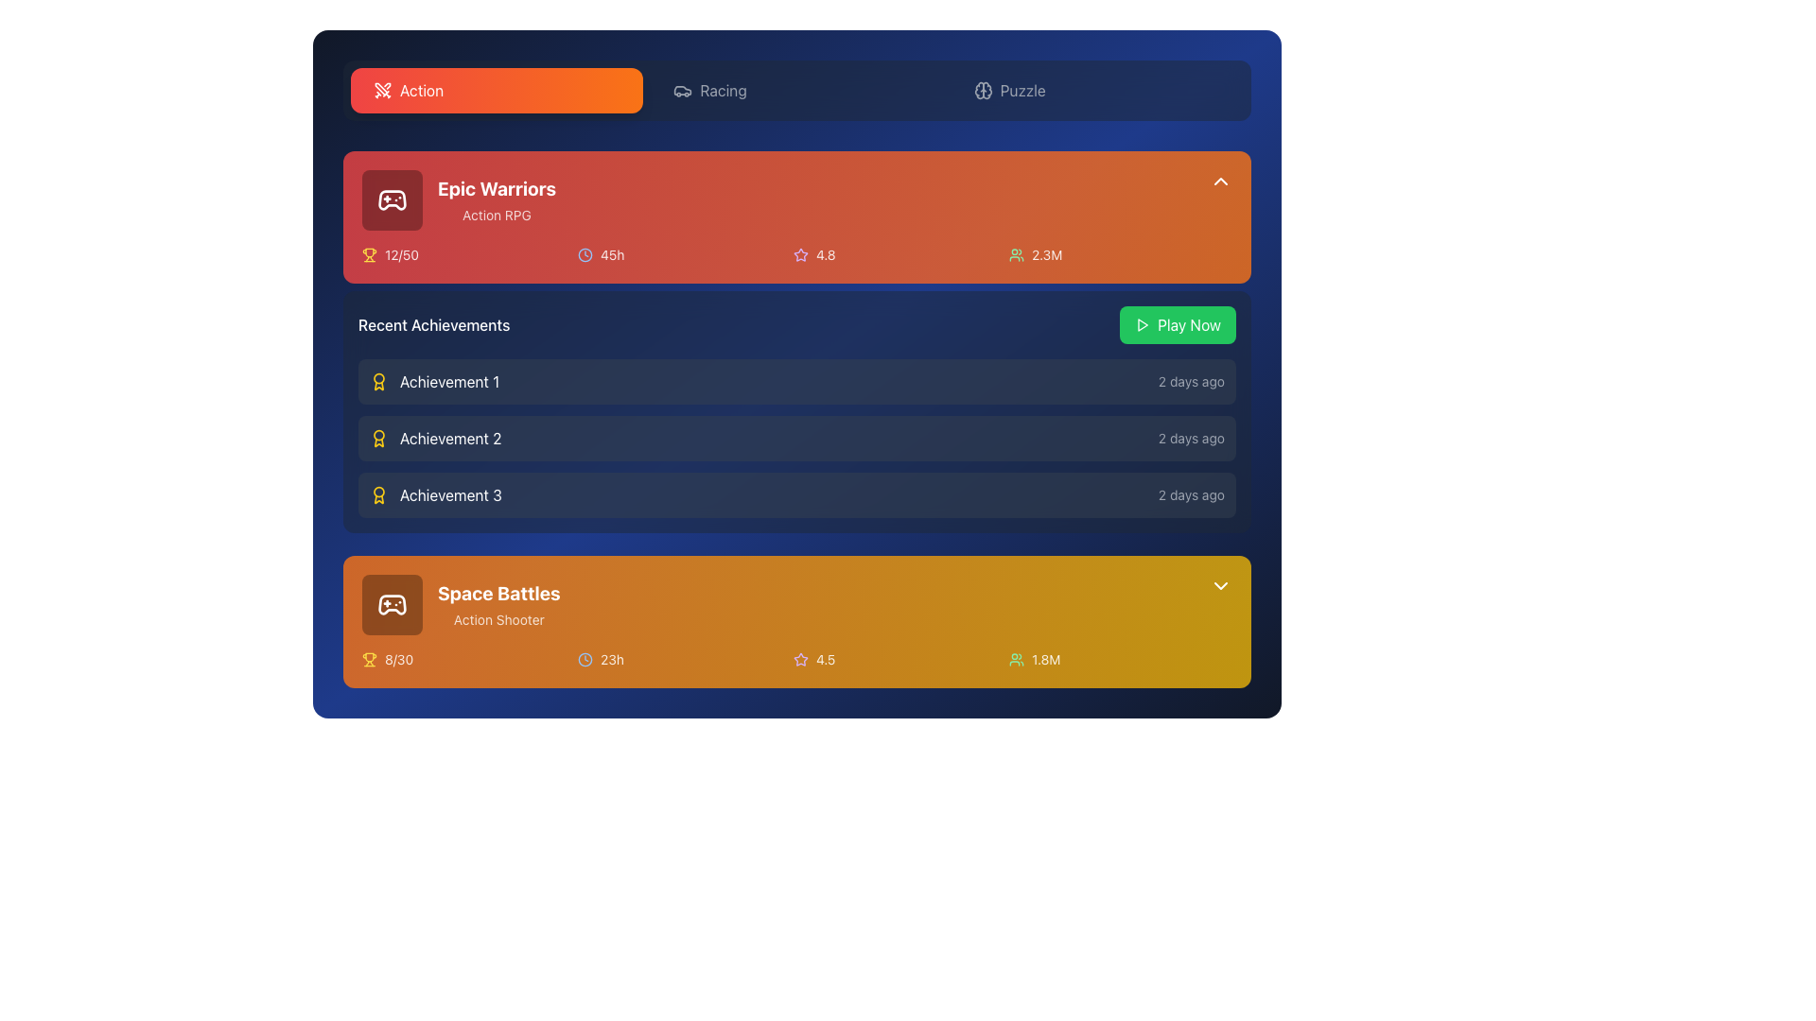  Describe the element at coordinates (398, 659) in the screenshot. I see `the text label displaying '8/30' located under the trophy icon in the 'Space Battles' section` at that location.